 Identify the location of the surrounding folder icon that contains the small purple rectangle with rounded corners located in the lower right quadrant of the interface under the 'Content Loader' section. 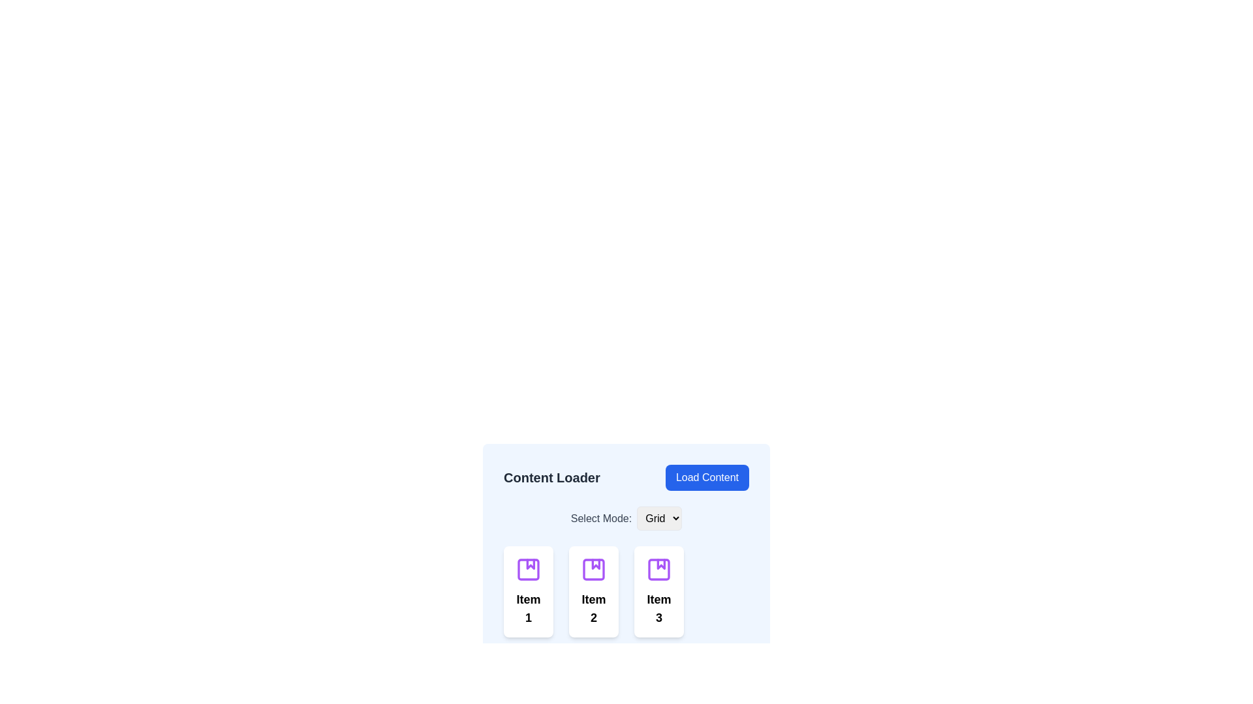
(658, 569).